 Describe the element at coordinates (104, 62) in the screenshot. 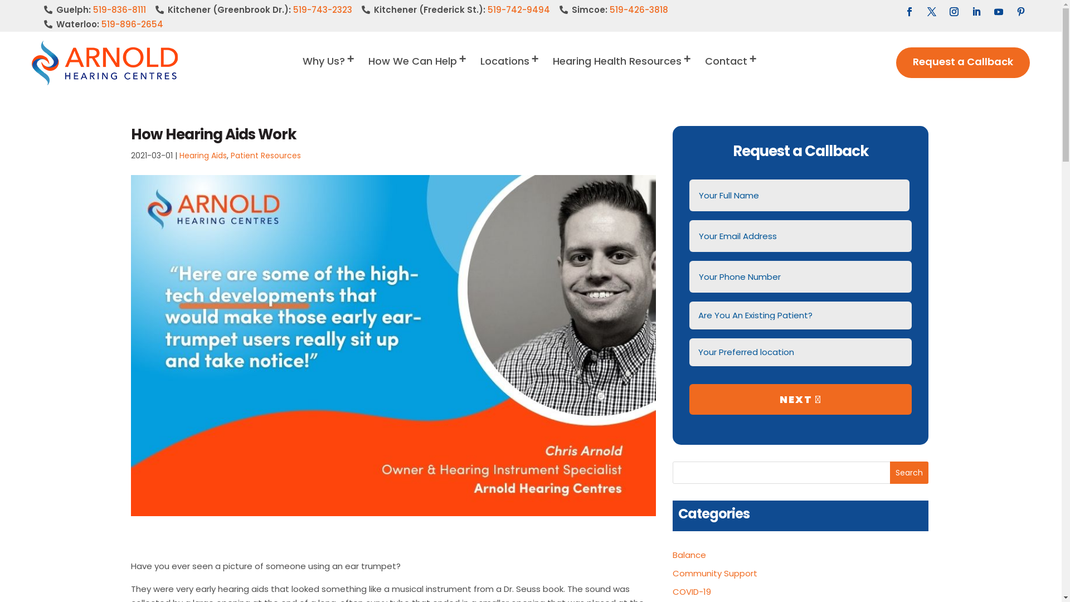

I see `'arnold-hearing-logo-update'` at that location.